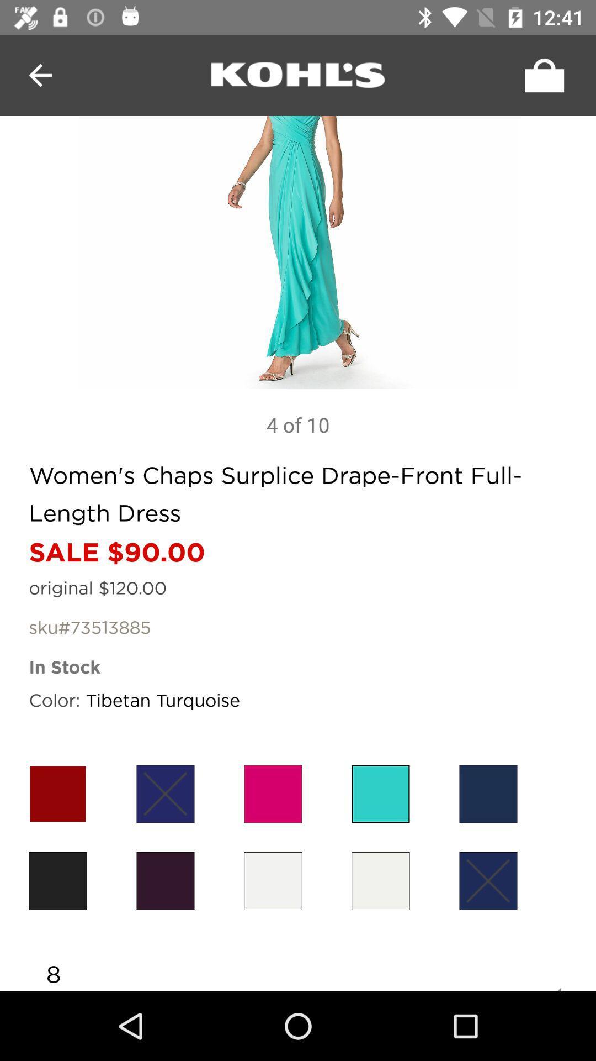 The height and width of the screenshot is (1061, 596). I want to click on cart, so click(541, 75).